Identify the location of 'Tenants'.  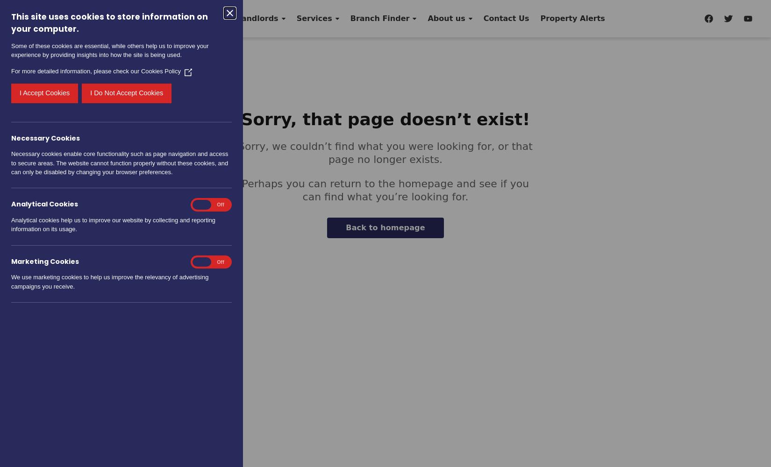
(201, 18).